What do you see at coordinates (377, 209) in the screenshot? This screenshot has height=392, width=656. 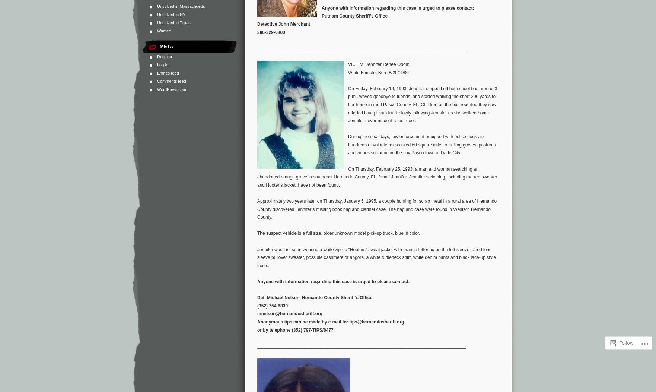 I see `'Approximately two years later on Thursday, January 5, 1995, a couple hunting for scrap metal in a rural area of Hernando County discovered Jennifer’s missing book bag and clarinet case. The bag and case were found in Western Hernando County.'` at bounding box center [377, 209].